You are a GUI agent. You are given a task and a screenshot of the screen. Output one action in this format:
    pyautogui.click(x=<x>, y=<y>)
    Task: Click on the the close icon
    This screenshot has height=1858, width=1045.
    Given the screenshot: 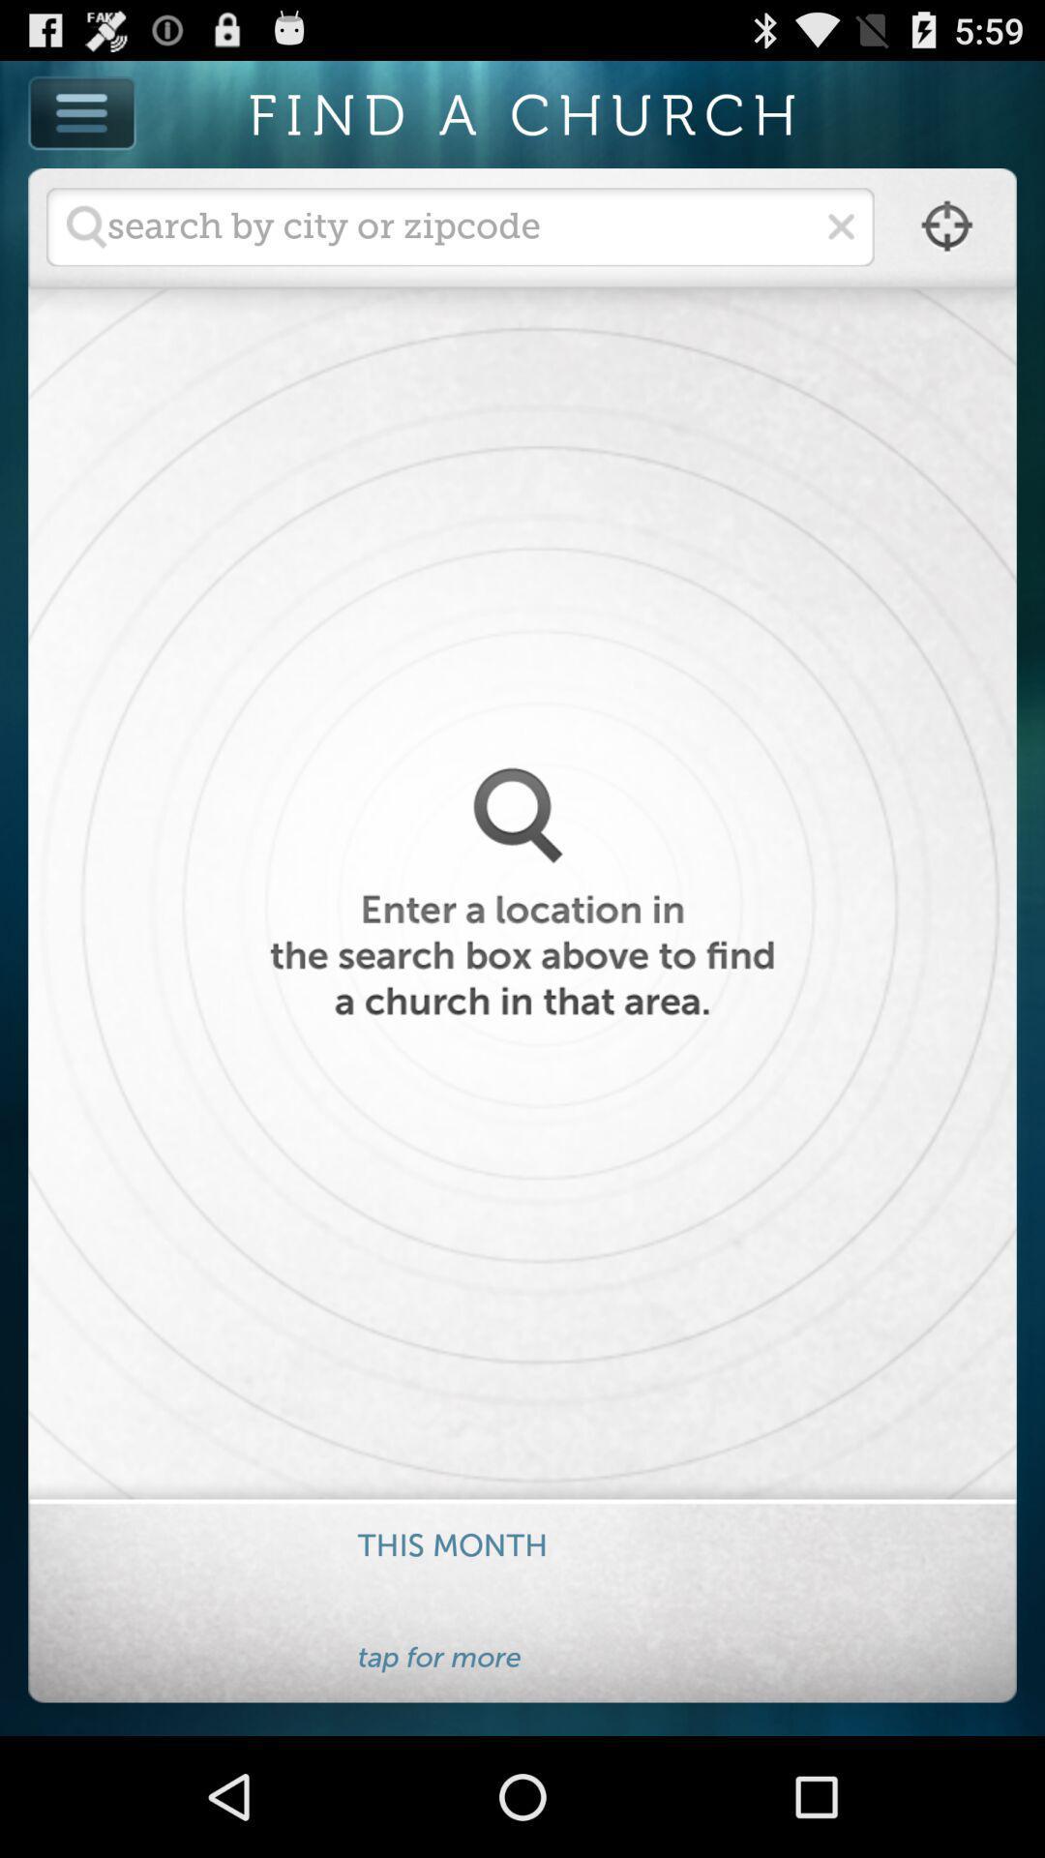 What is the action you would take?
    pyautogui.click(x=840, y=241)
    